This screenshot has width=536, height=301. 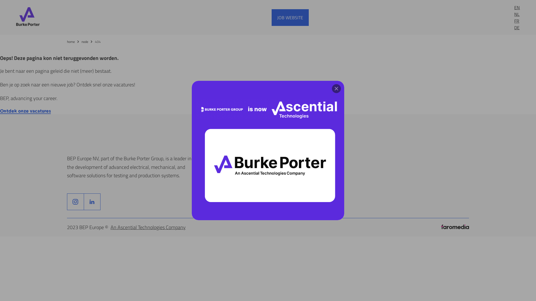 I want to click on 'Ontdek onze vacatures', so click(x=25, y=111).